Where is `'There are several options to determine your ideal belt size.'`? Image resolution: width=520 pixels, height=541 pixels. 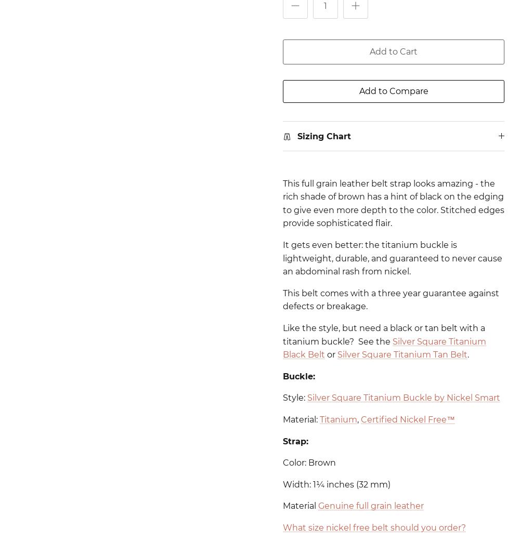
'There are several options to determine your ideal belt size.' is located at coordinates (299, 473).